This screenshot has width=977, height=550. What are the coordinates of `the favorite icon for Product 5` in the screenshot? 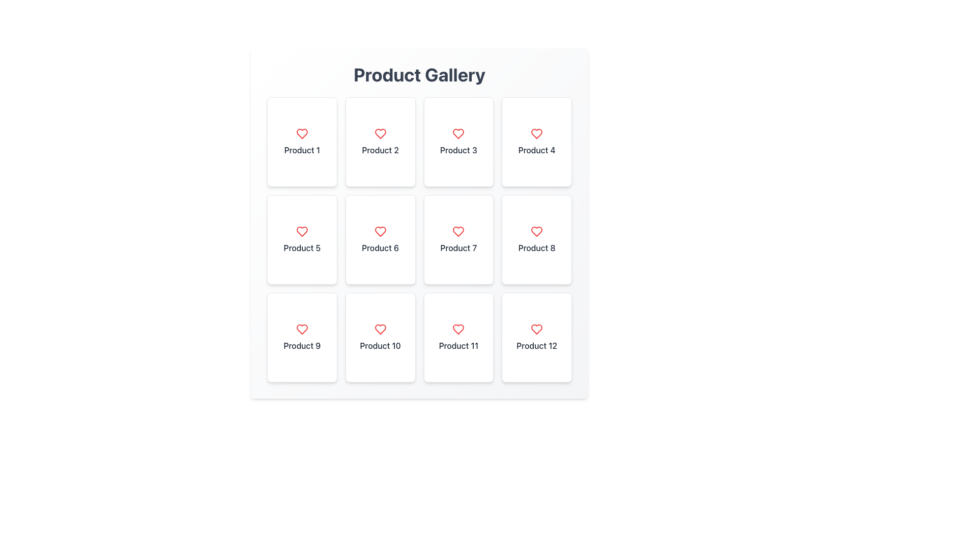 It's located at (301, 232).